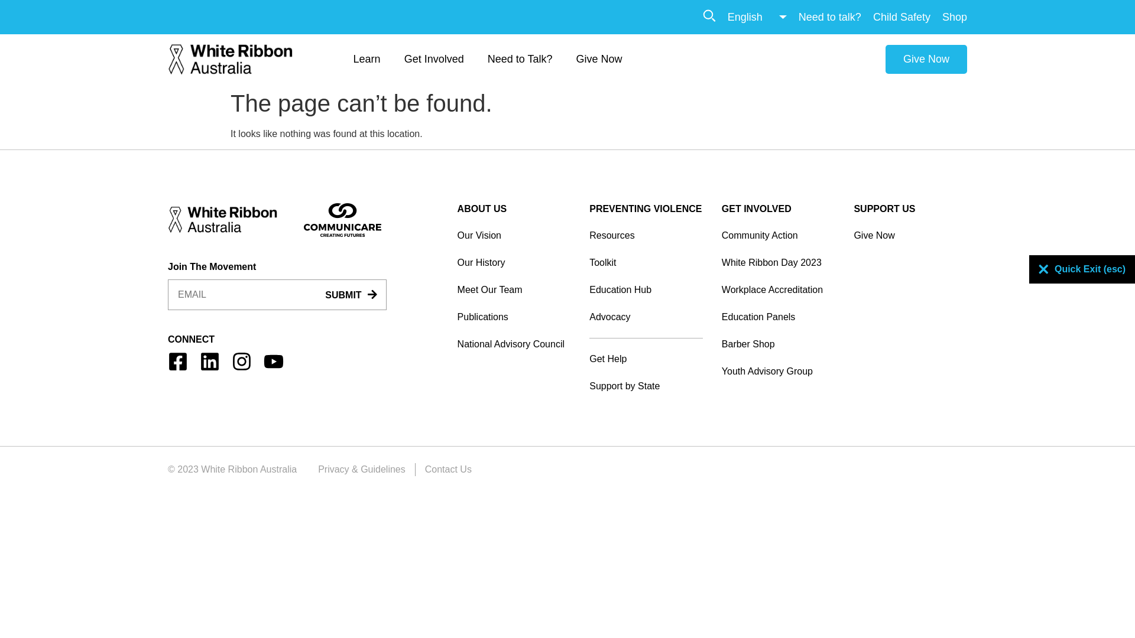 The image size is (1135, 638). I want to click on 'GET INVOLVED', so click(721, 208).